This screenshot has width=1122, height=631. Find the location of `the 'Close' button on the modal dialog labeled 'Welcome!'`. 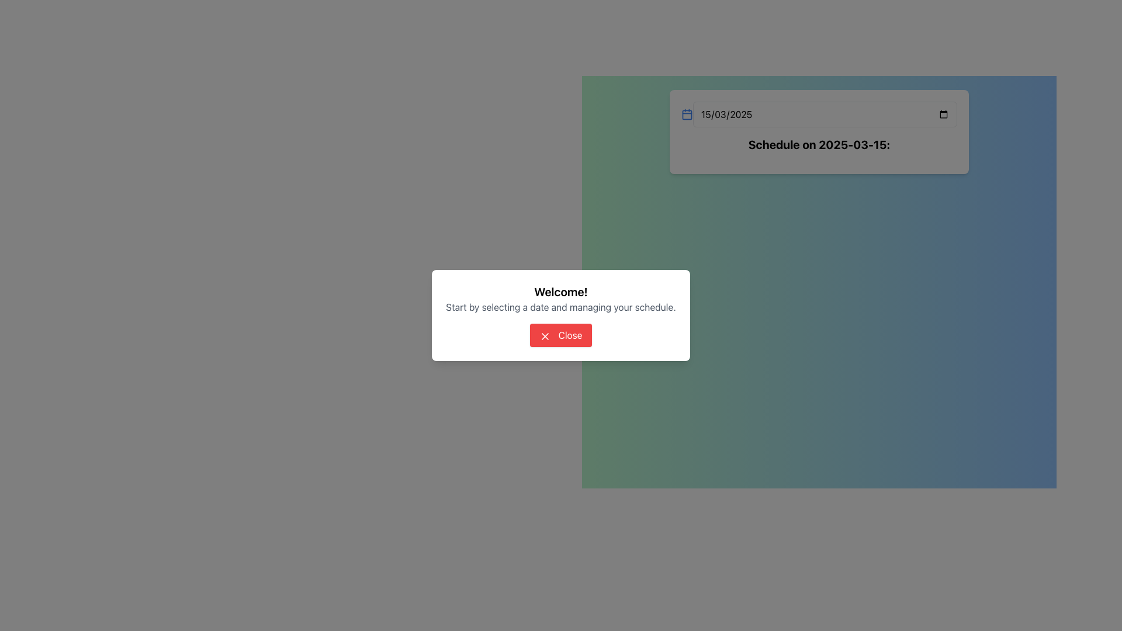

the 'Close' button on the modal dialog labeled 'Welcome!' is located at coordinates (561, 315).